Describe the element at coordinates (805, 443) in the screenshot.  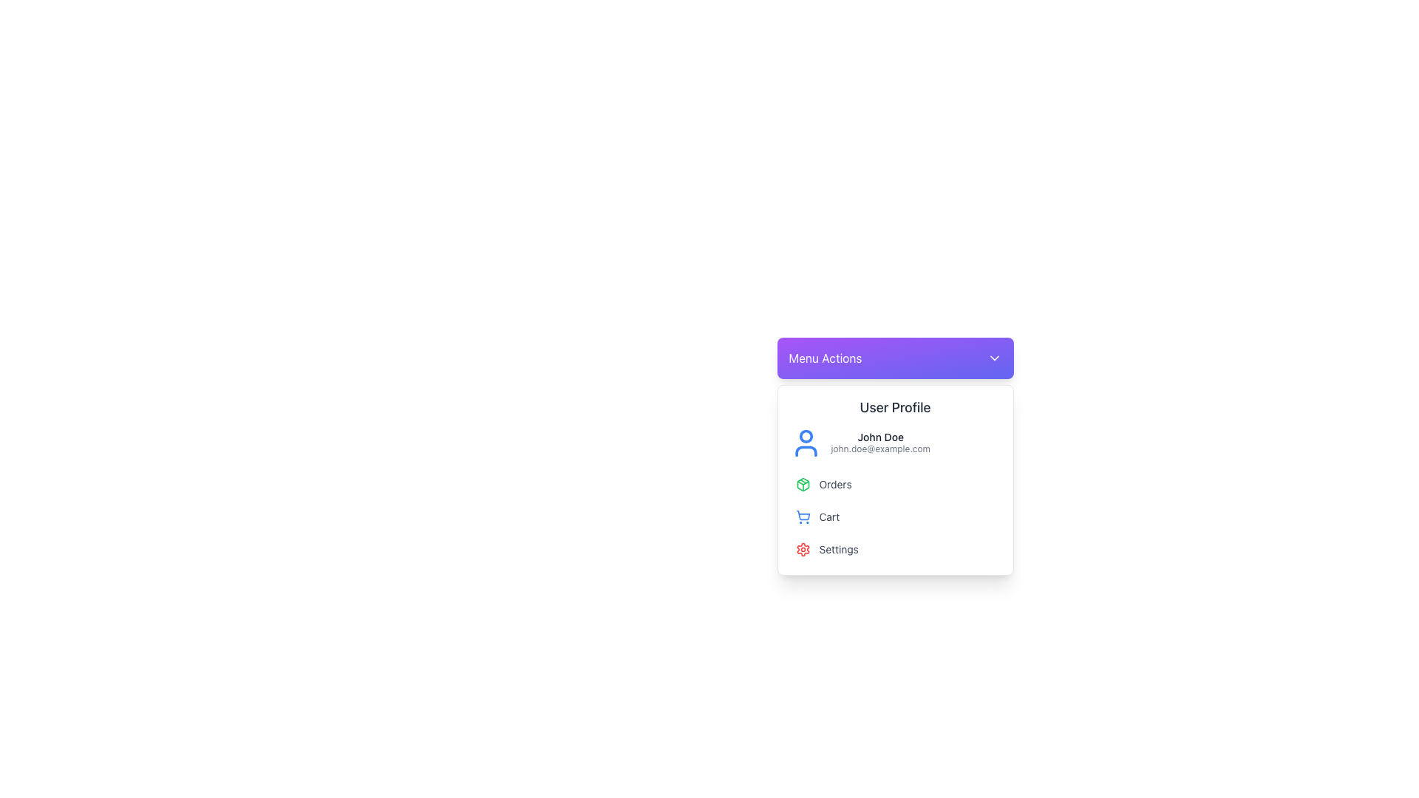
I see `the blue human silhouette SVG icon located at the top-left corner of the user profile section, preceding the textual information for 'John Doe' and 'john.doe@example.com'` at that location.